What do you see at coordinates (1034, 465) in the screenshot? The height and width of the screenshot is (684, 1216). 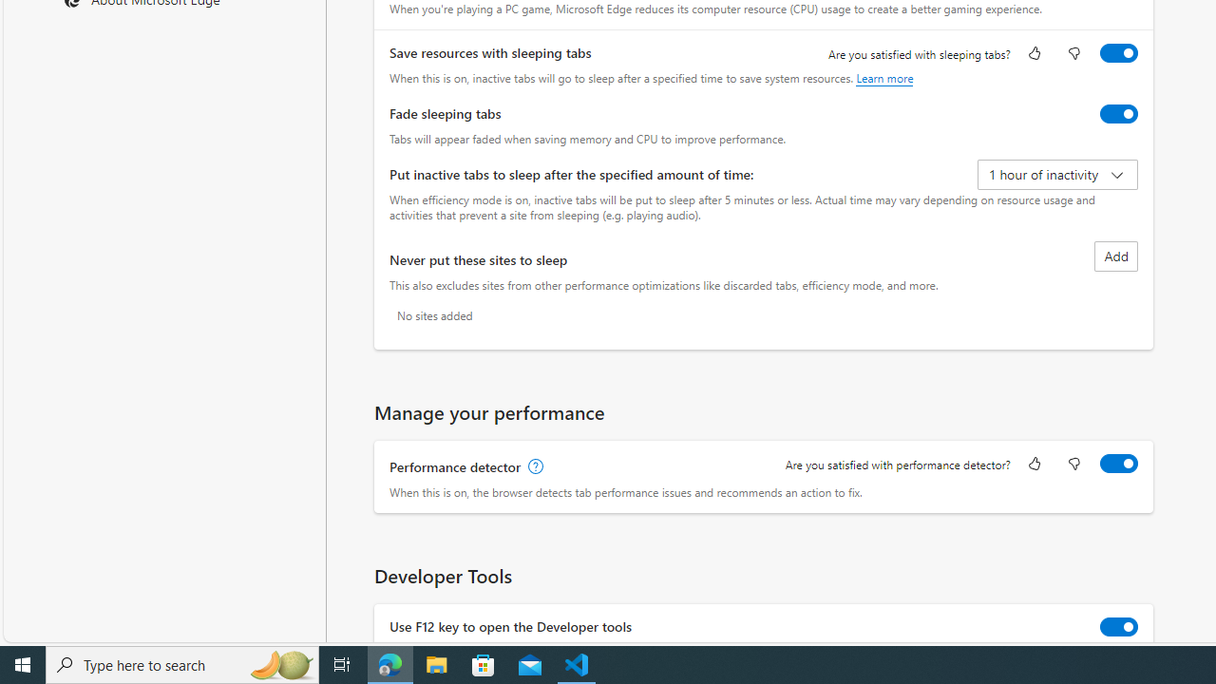 I see `'Like'` at bounding box center [1034, 465].